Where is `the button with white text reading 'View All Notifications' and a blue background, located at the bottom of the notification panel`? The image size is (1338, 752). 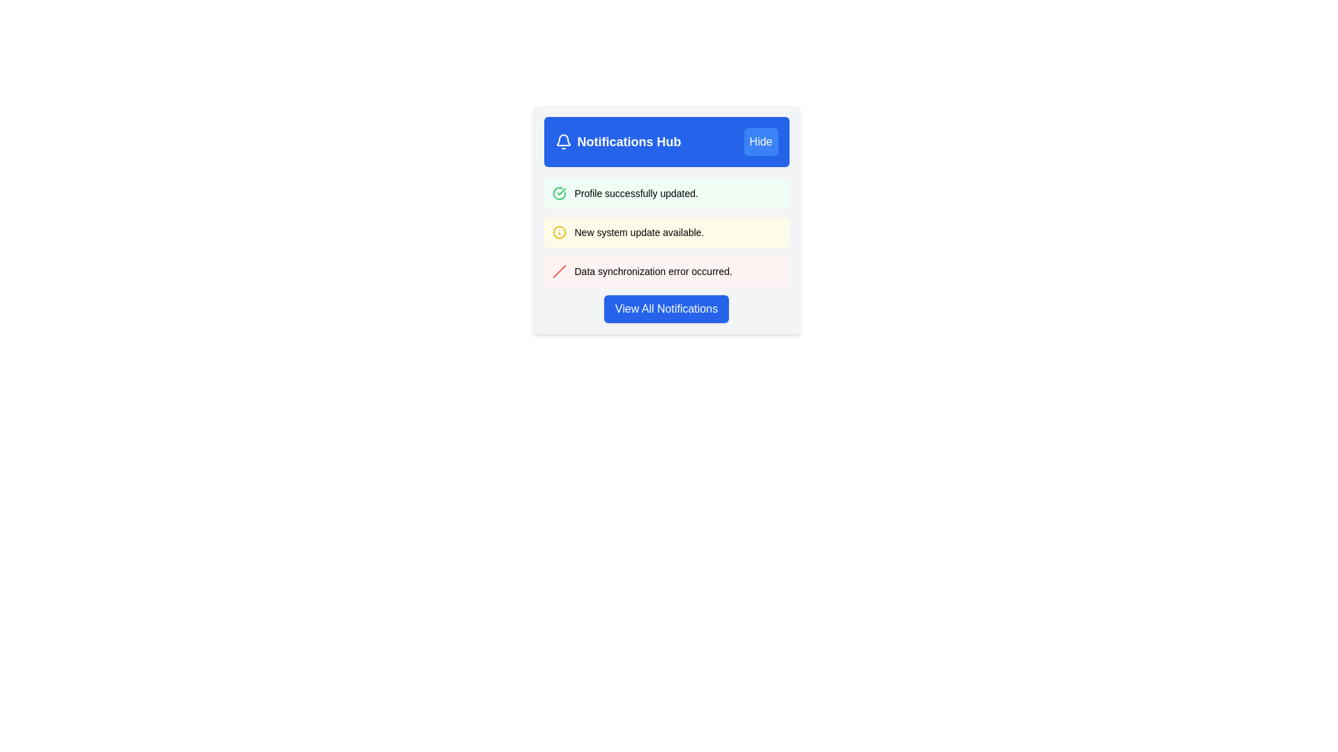 the button with white text reading 'View All Notifications' and a blue background, located at the bottom of the notification panel is located at coordinates (666, 308).